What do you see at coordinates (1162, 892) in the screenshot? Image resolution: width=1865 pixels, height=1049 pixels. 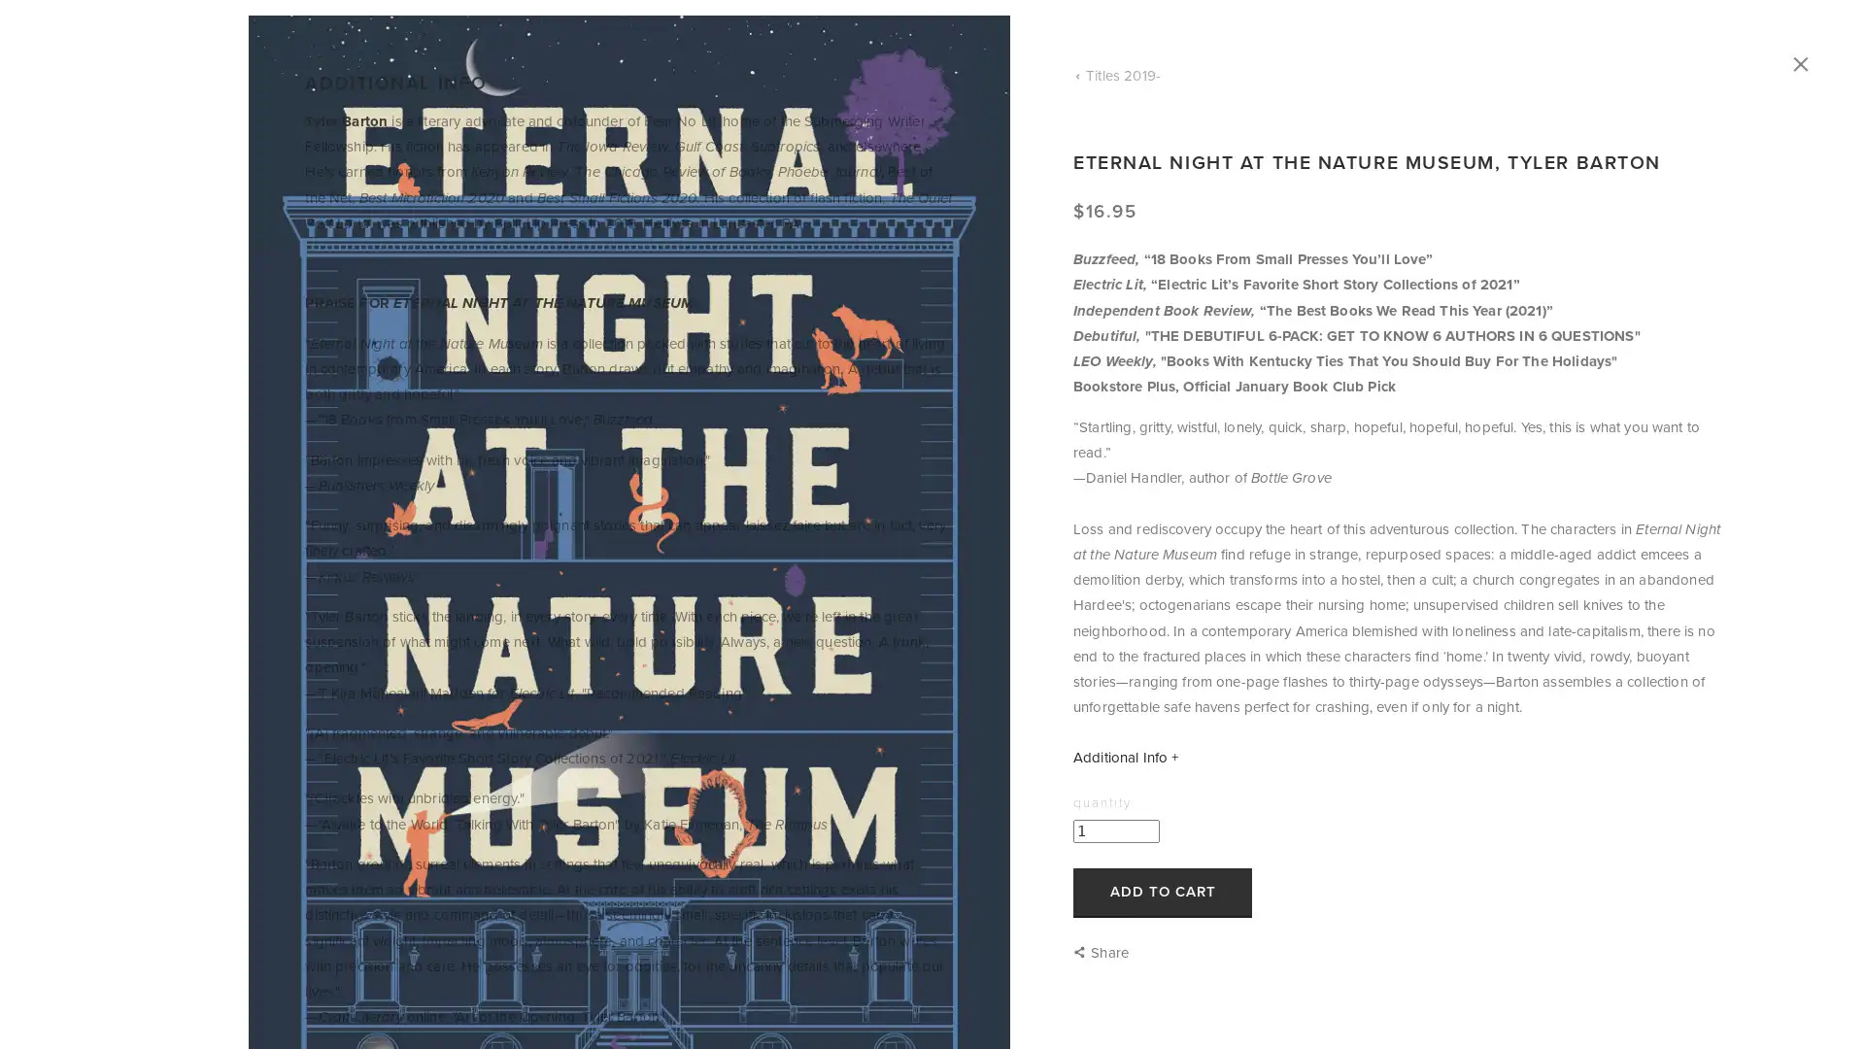 I see `ADD TO CART` at bounding box center [1162, 892].